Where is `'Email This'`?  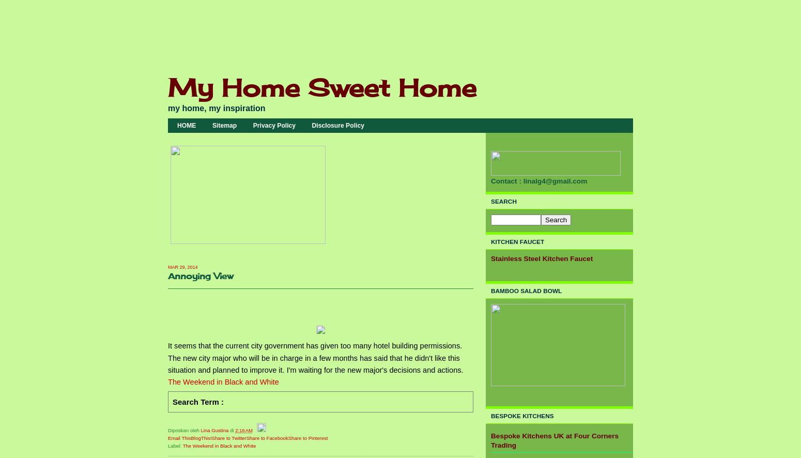 'Email This' is located at coordinates (179, 437).